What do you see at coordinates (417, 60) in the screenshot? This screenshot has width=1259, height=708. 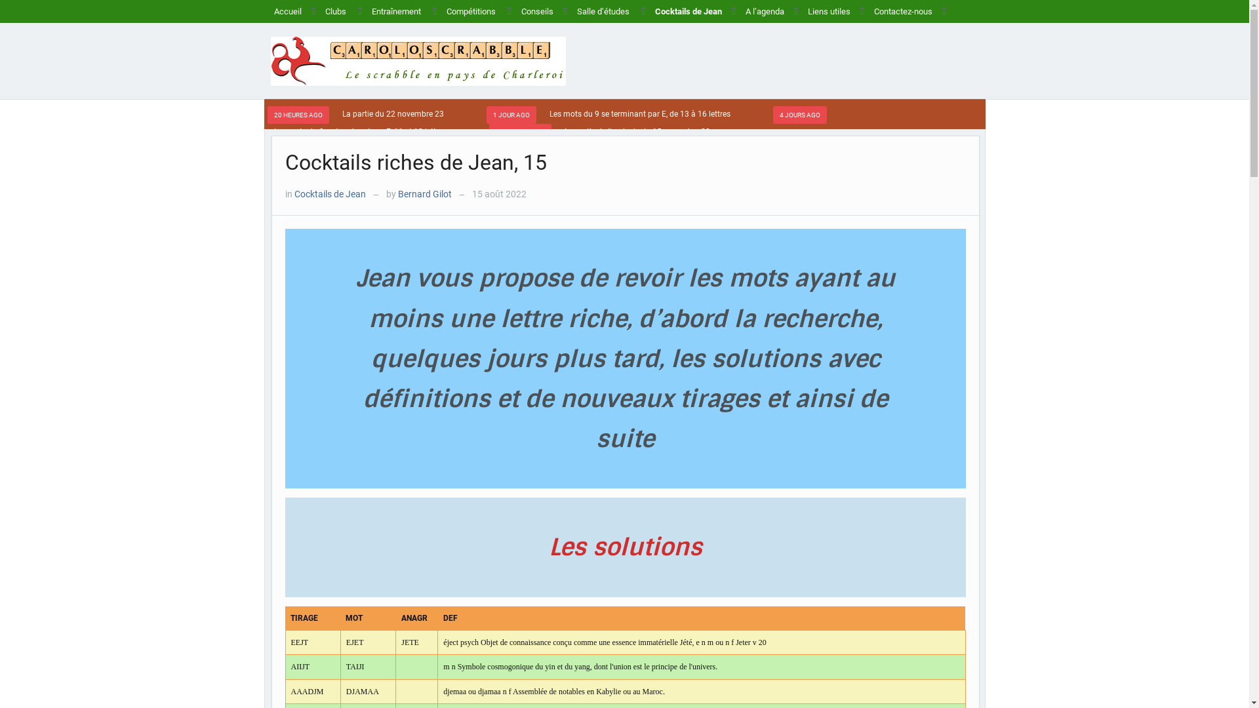 I see `'Le scrabble en pays de Charleroi'` at bounding box center [417, 60].